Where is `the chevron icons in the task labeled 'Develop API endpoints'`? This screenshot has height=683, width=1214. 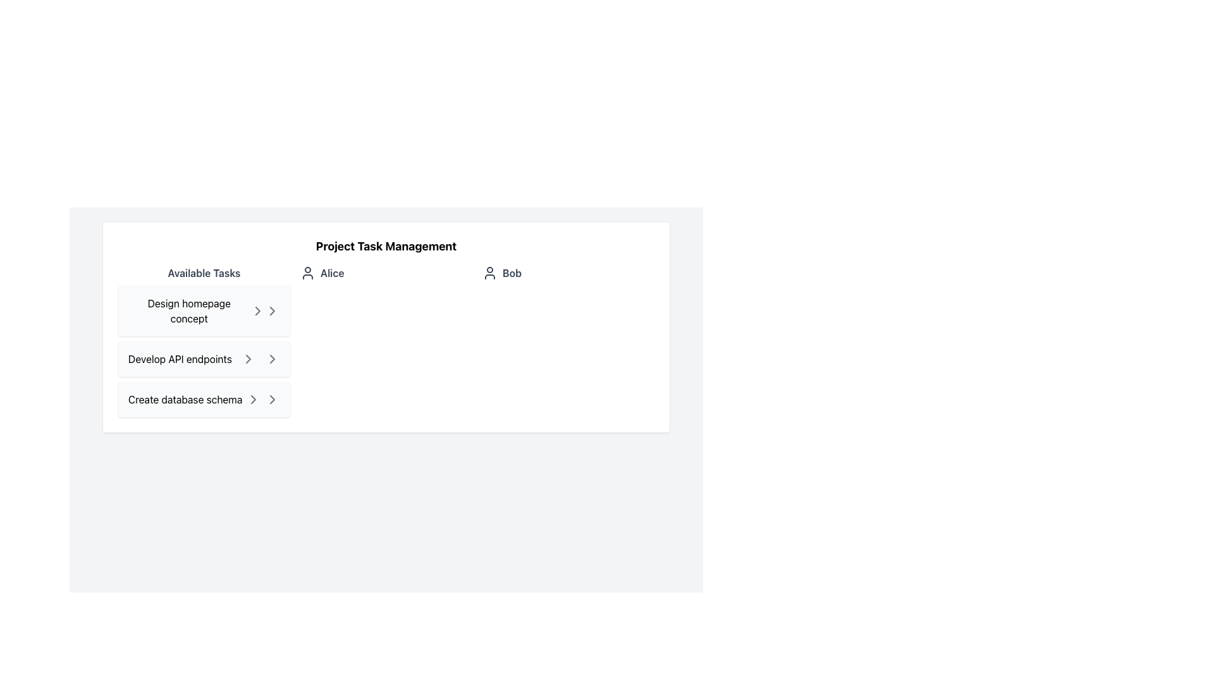
the chevron icons in the task labeled 'Develop API endpoints' is located at coordinates (204, 359).